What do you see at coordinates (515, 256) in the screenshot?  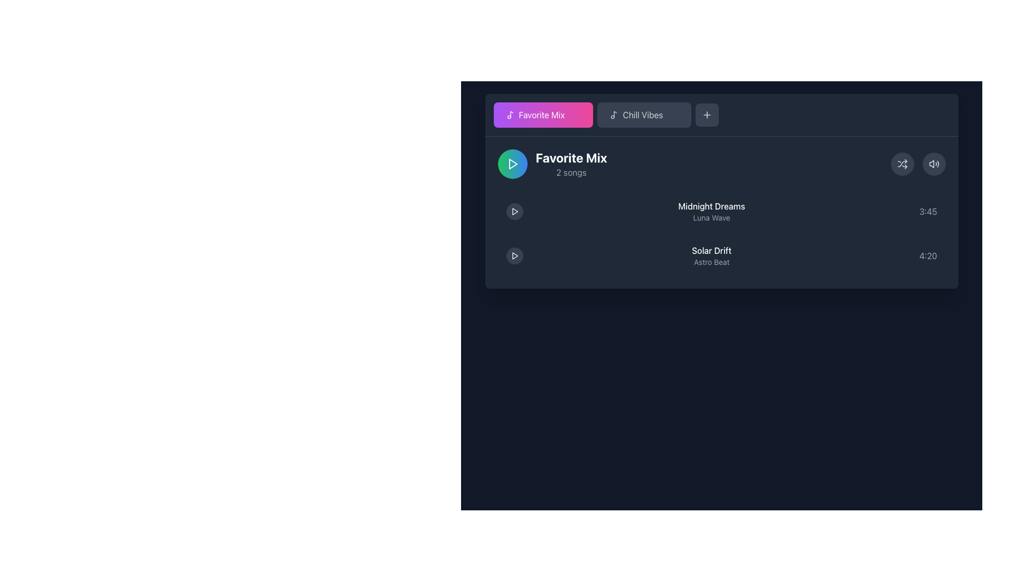 I see `the control icon for the 'Solar Drift' track located beneath the 'Favorite Mix' header` at bounding box center [515, 256].